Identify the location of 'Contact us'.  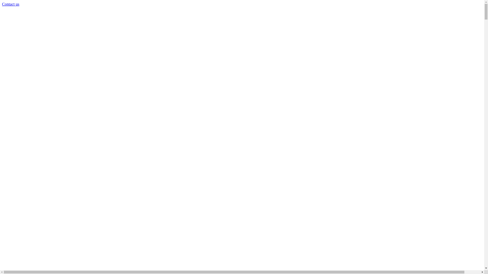
(11, 4).